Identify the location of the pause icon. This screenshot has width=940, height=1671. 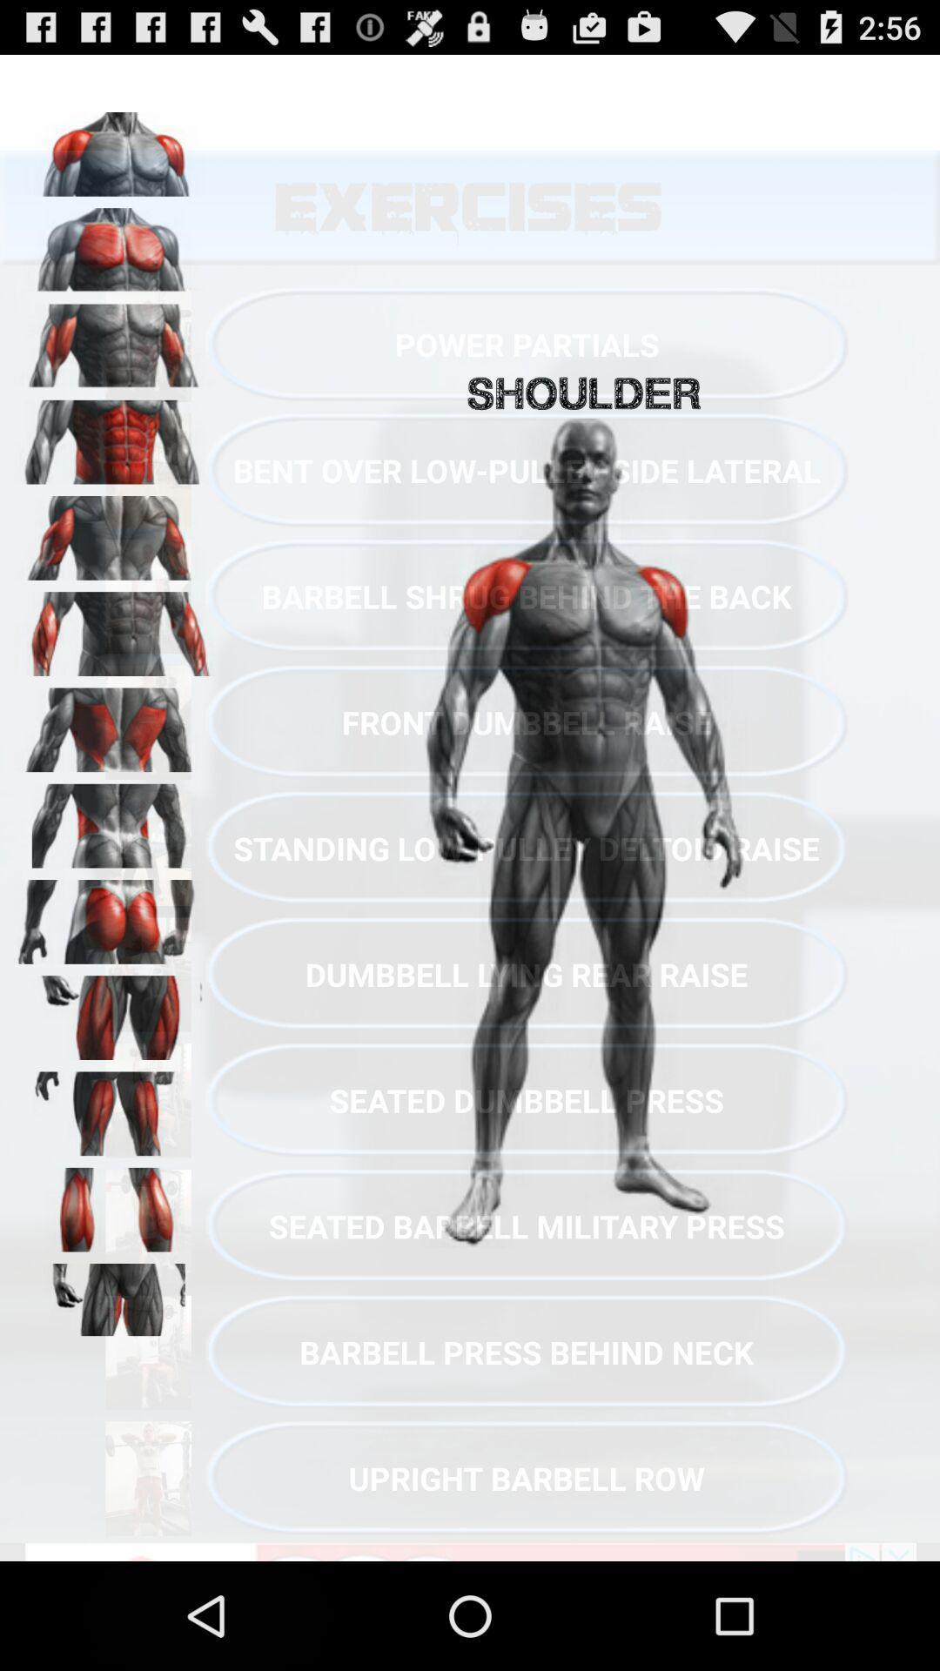
(114, 1288).